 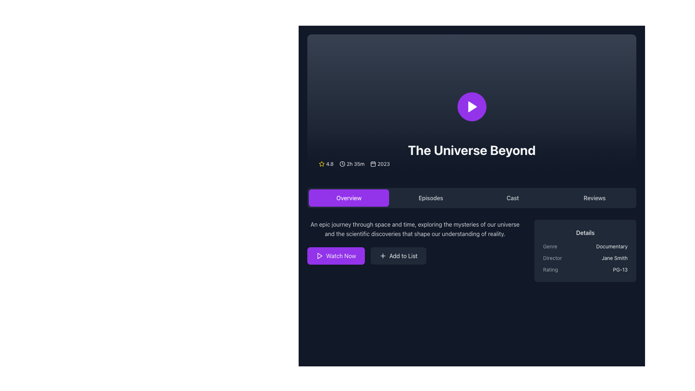 What do you see at coordinates (620, 269) in the screenshot?
I see `the 'PG-13' text label indicating movie rating, located to the right of the 'Rating' label in the 'Details' section at the bottom right corner of the interface` at bounding box center [620, 269].